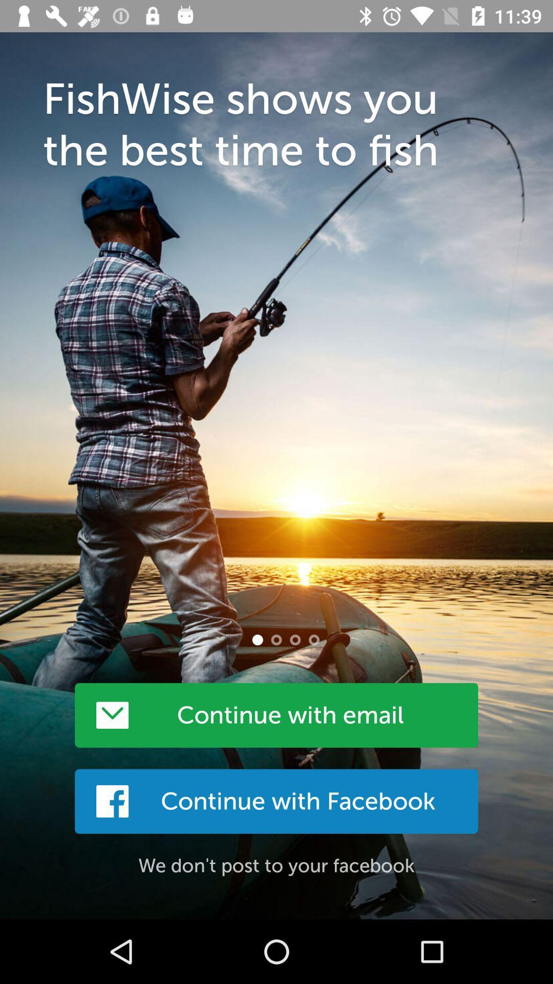 The height and width of the screenshot is (984, 553). I want to click on the avatar icon, so click(257, 639).